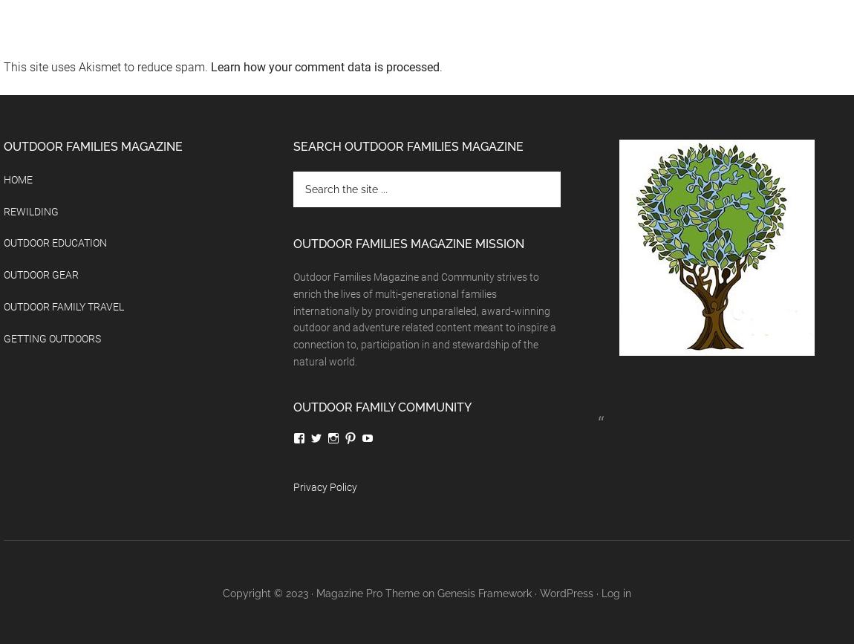 This screenshot has width=854, height=644. What do you see at coordinates (2, 146) in the screenshot?
I see `'OUTDOOR FAMILIES MAGAZINE'` at bounding box center [2, 146].